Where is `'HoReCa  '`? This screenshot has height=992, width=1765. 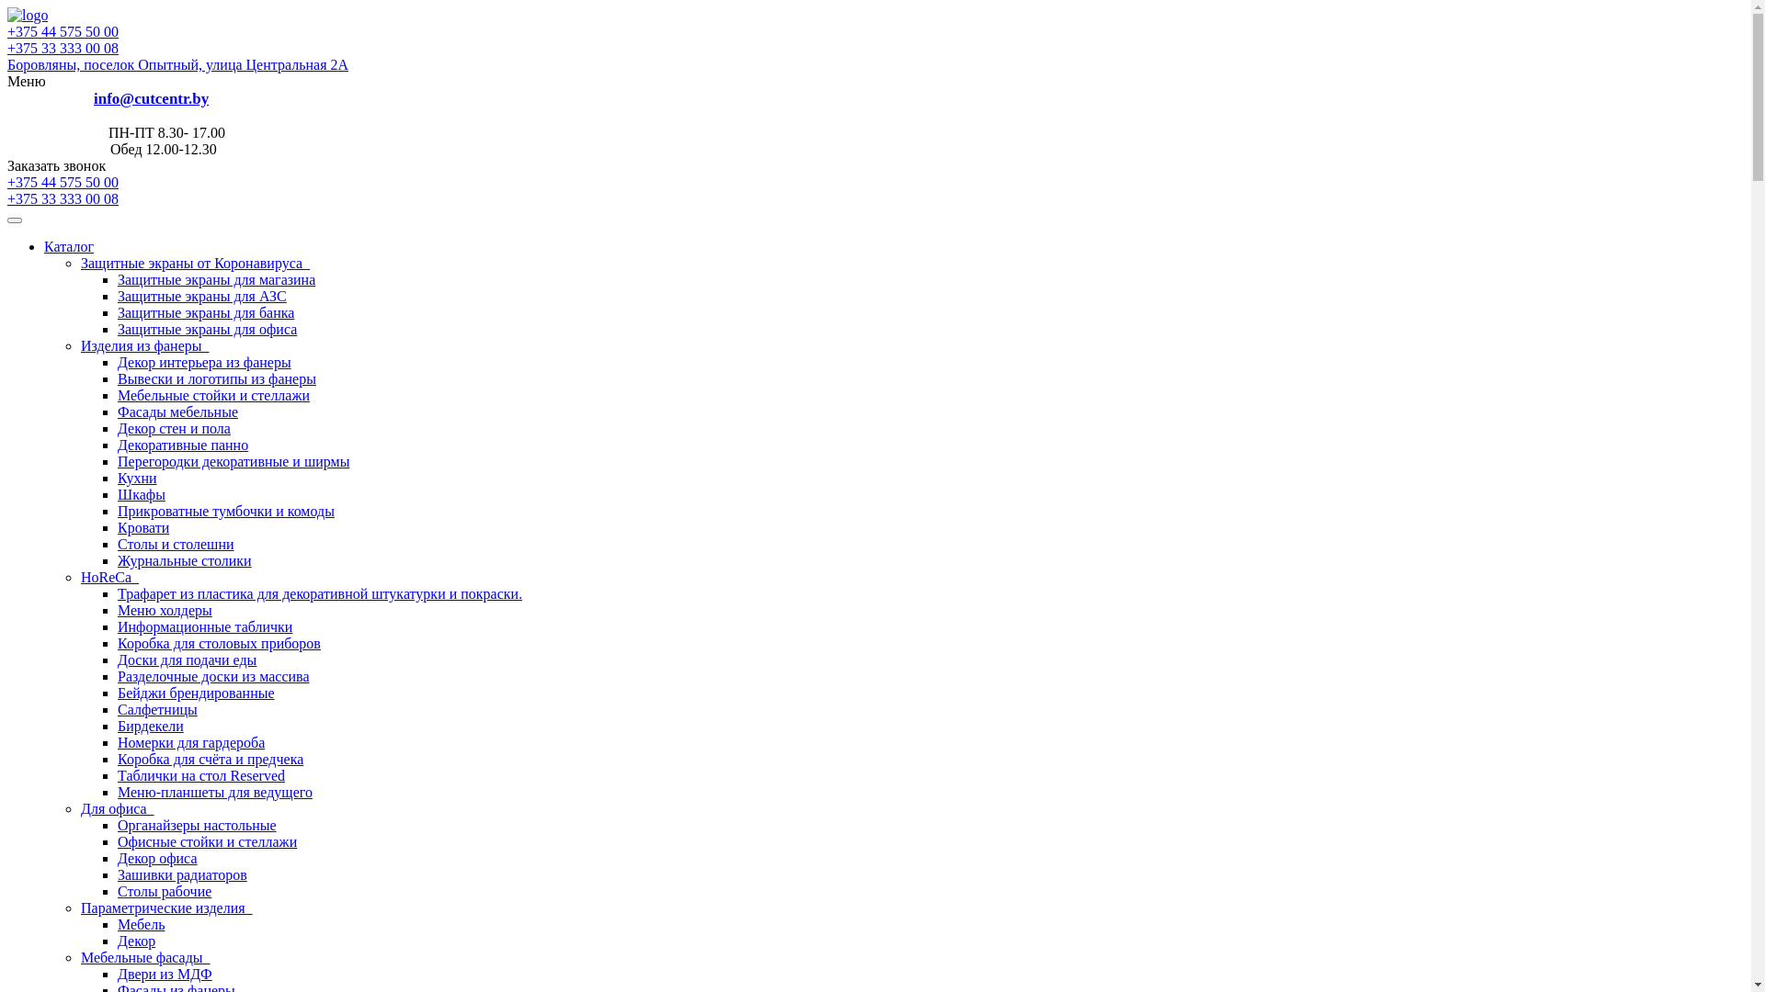 'HoReCa  ' is located at coordinates (108, 576).